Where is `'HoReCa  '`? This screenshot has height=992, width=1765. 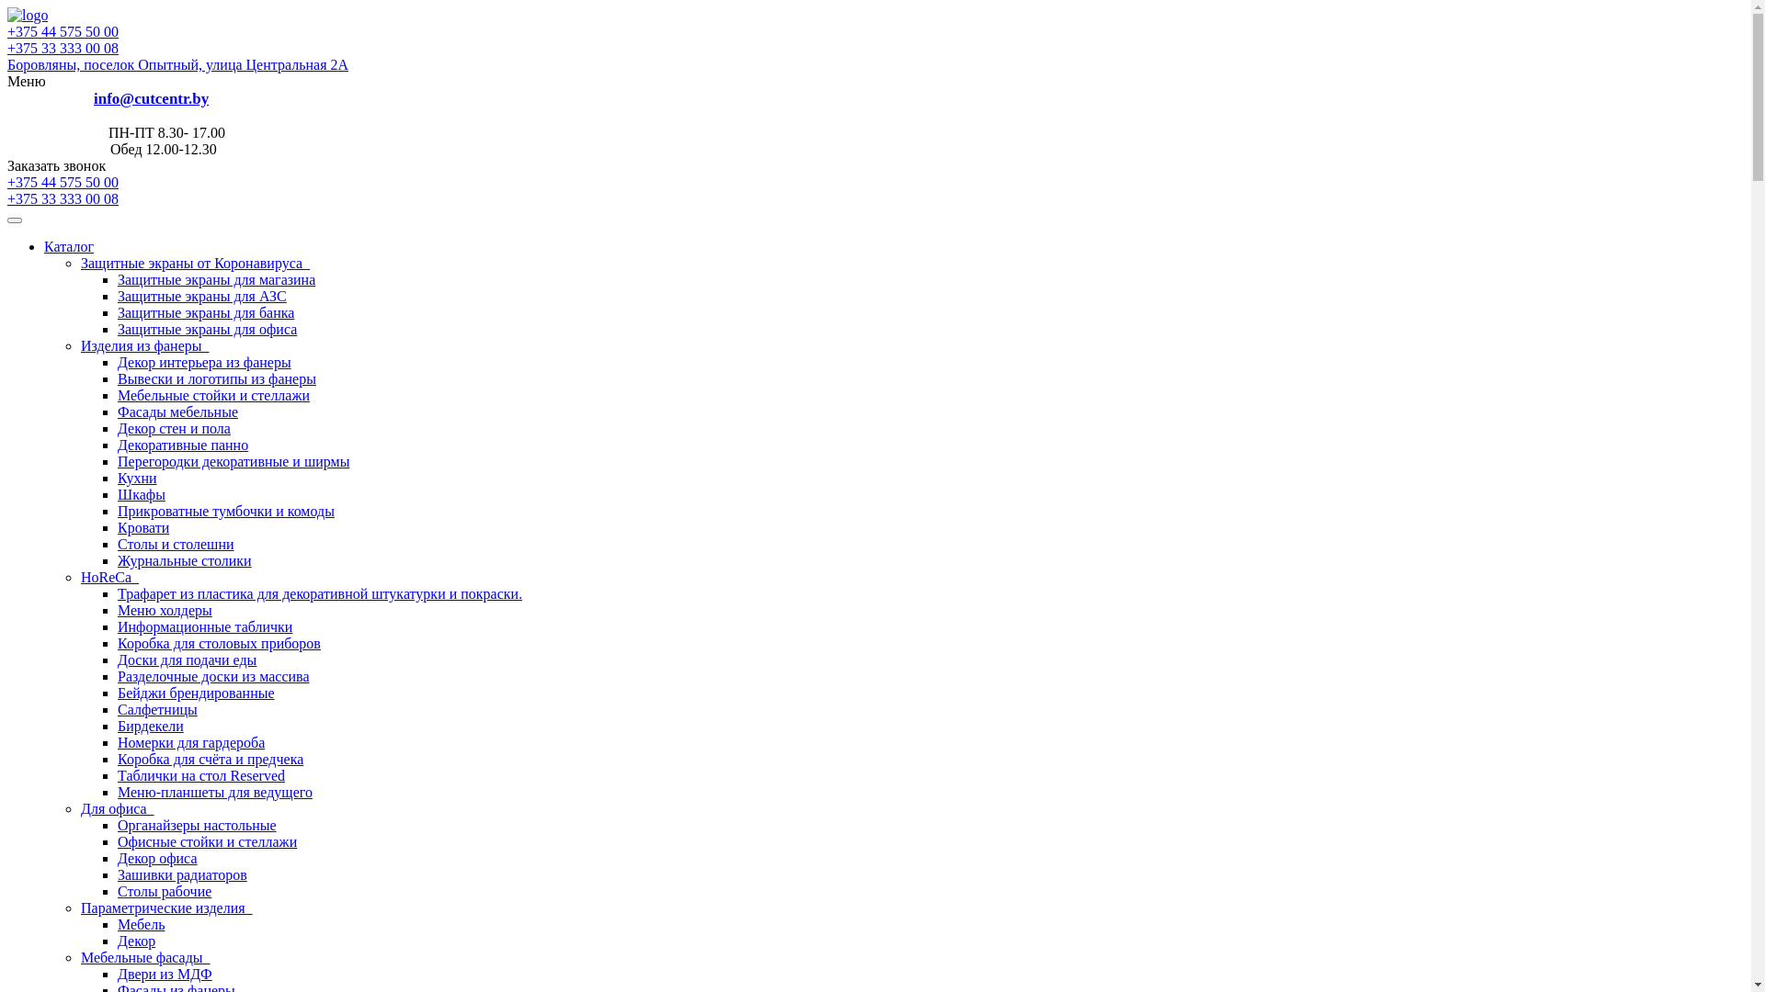 'HoReCa  ' is located at coordinates (108, 576).